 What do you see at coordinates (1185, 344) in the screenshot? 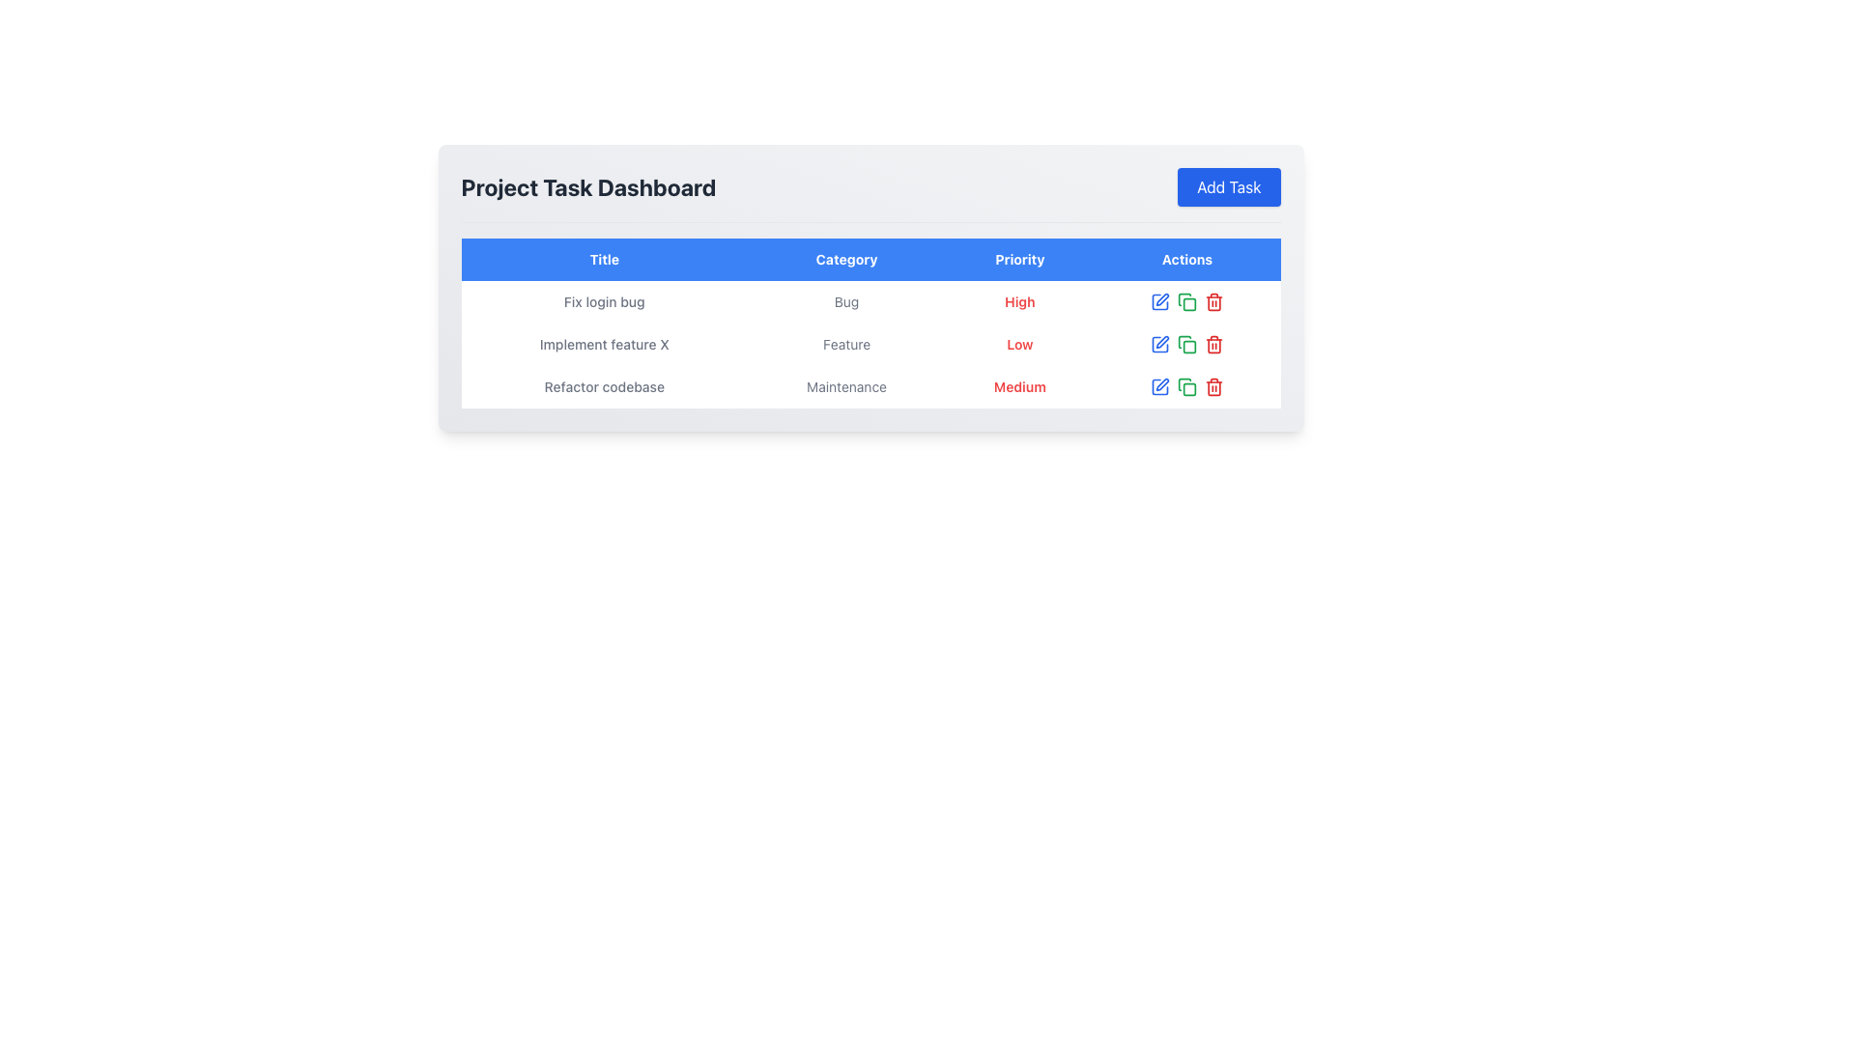
I see `the second action icon in the Actions column of the row labeled 'Feature' in the middle of the table` at bounding box center [1185, 344].